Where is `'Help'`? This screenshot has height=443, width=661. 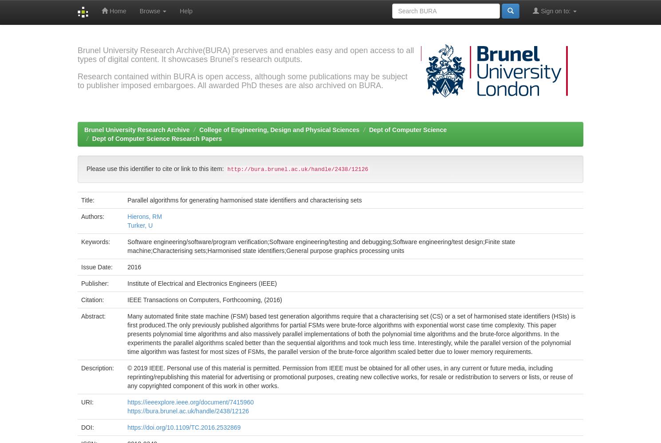
'Help' is located at coordinates (186, 11).